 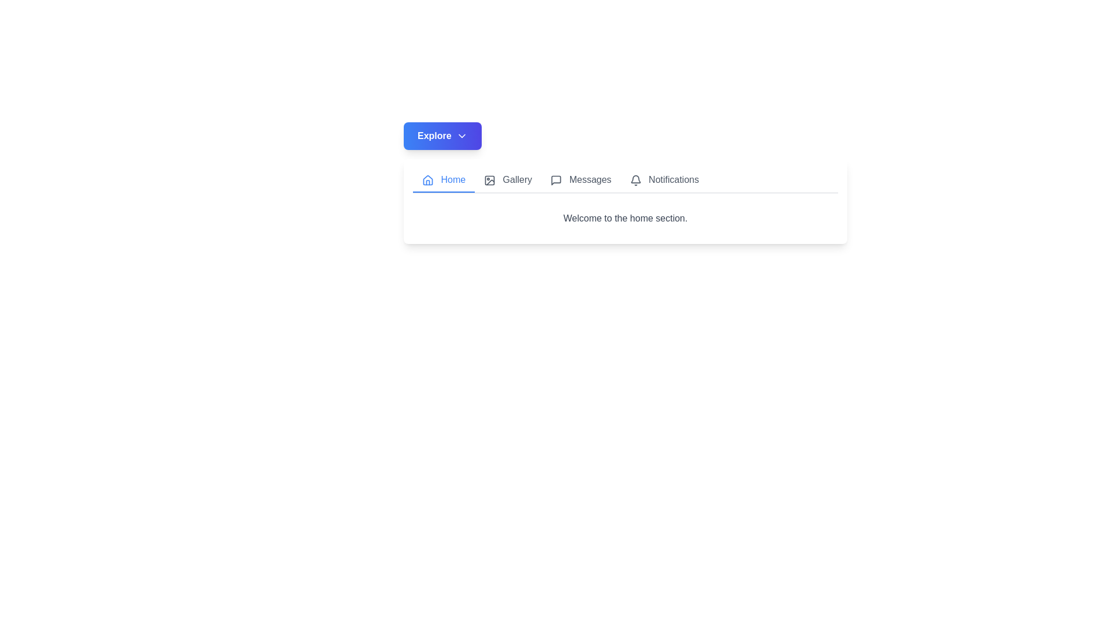 I want to click on the 'Messages' icon located in the center of the navigation bar, which features a speech bubble graphic and is positioned to the left of the text 'Messages', so click(x=556, y=180).